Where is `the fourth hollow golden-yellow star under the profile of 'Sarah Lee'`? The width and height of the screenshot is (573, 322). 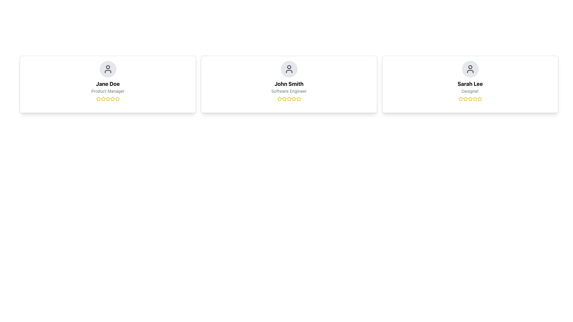
the fourth hollow golden-yellow star under the profile of 'Sarah Lee' is located at coordinates (475, 98).